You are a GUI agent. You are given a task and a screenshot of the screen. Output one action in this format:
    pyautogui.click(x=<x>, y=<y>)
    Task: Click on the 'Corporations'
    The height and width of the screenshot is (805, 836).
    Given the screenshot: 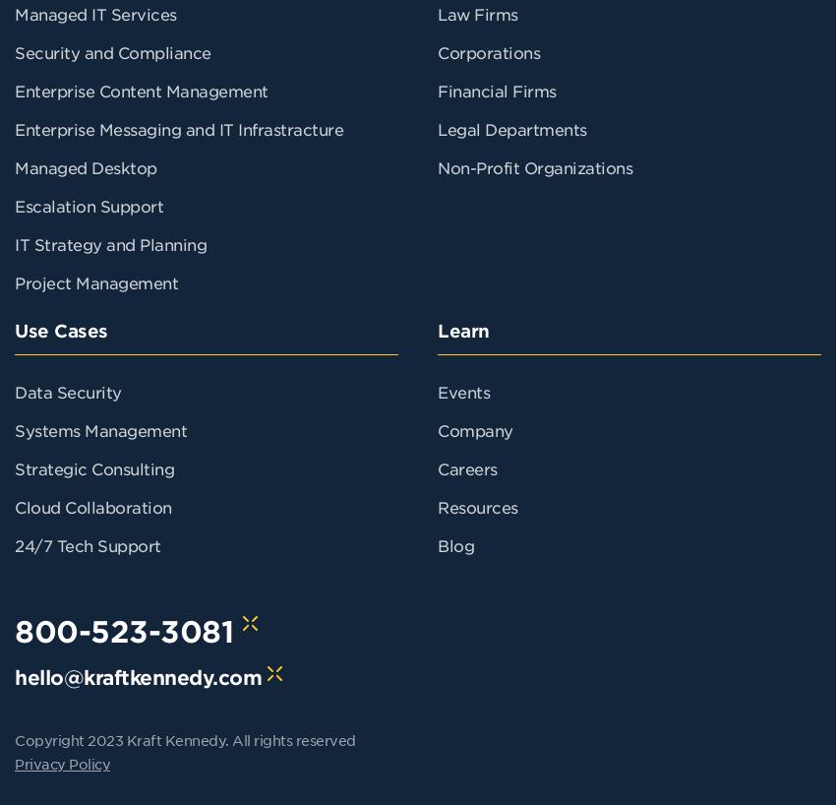 What is the action you would take?
    pyautogui.click(x=436, y=51)
    